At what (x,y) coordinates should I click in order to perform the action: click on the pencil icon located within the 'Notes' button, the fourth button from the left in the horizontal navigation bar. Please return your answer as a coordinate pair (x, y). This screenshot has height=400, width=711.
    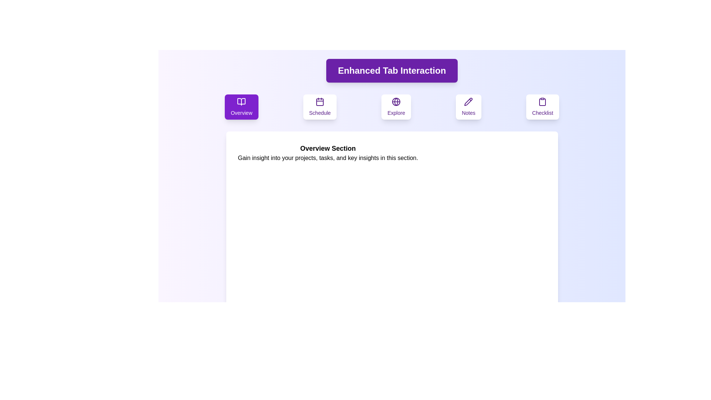
    Looking at the image, I should click on (468, 101).